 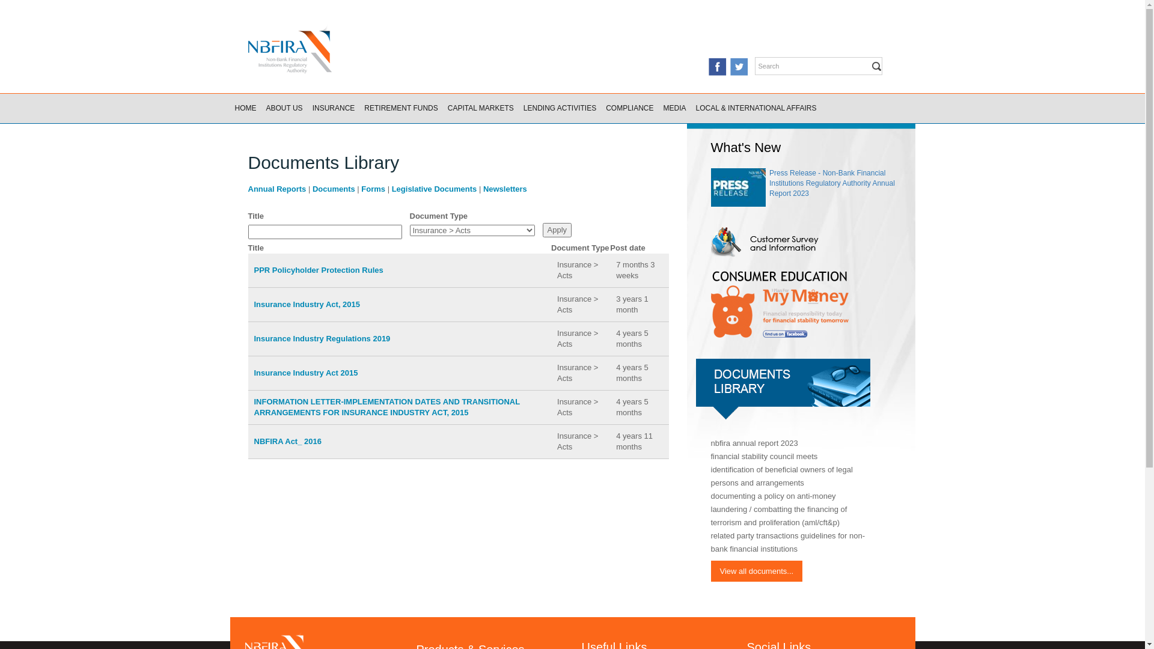 I want to click on 'Insurance Industry Regulations 2019', so click(x=322, y=338).